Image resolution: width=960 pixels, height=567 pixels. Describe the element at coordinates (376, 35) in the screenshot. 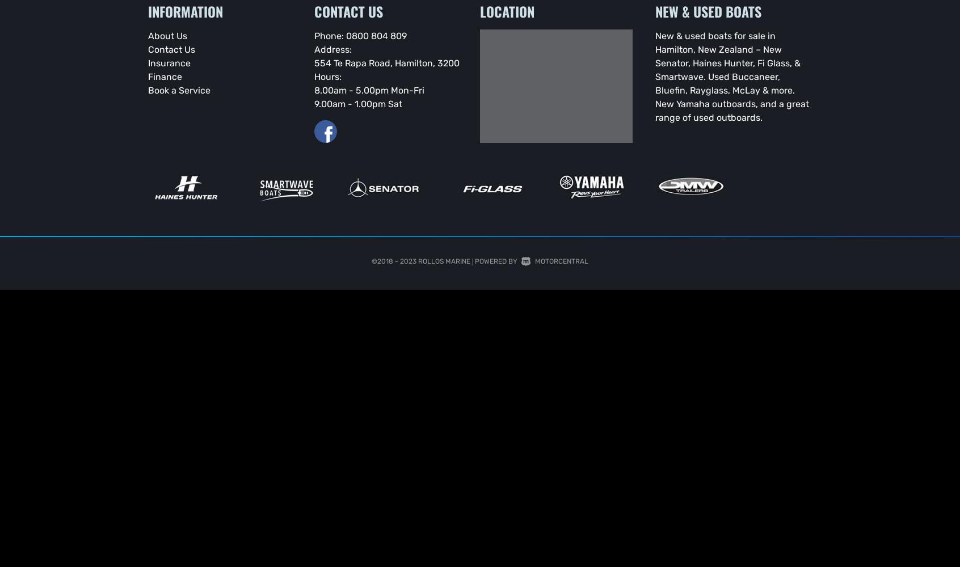

I see `'0800 804 809'` at that location.